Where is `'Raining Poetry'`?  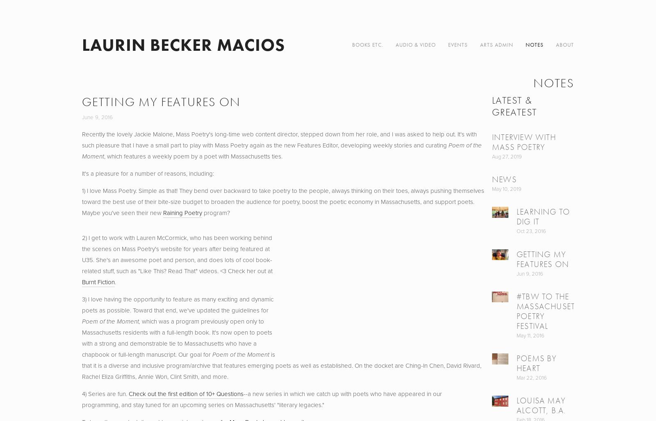
'Raining Poetry' is located at coordinates (163, 213).